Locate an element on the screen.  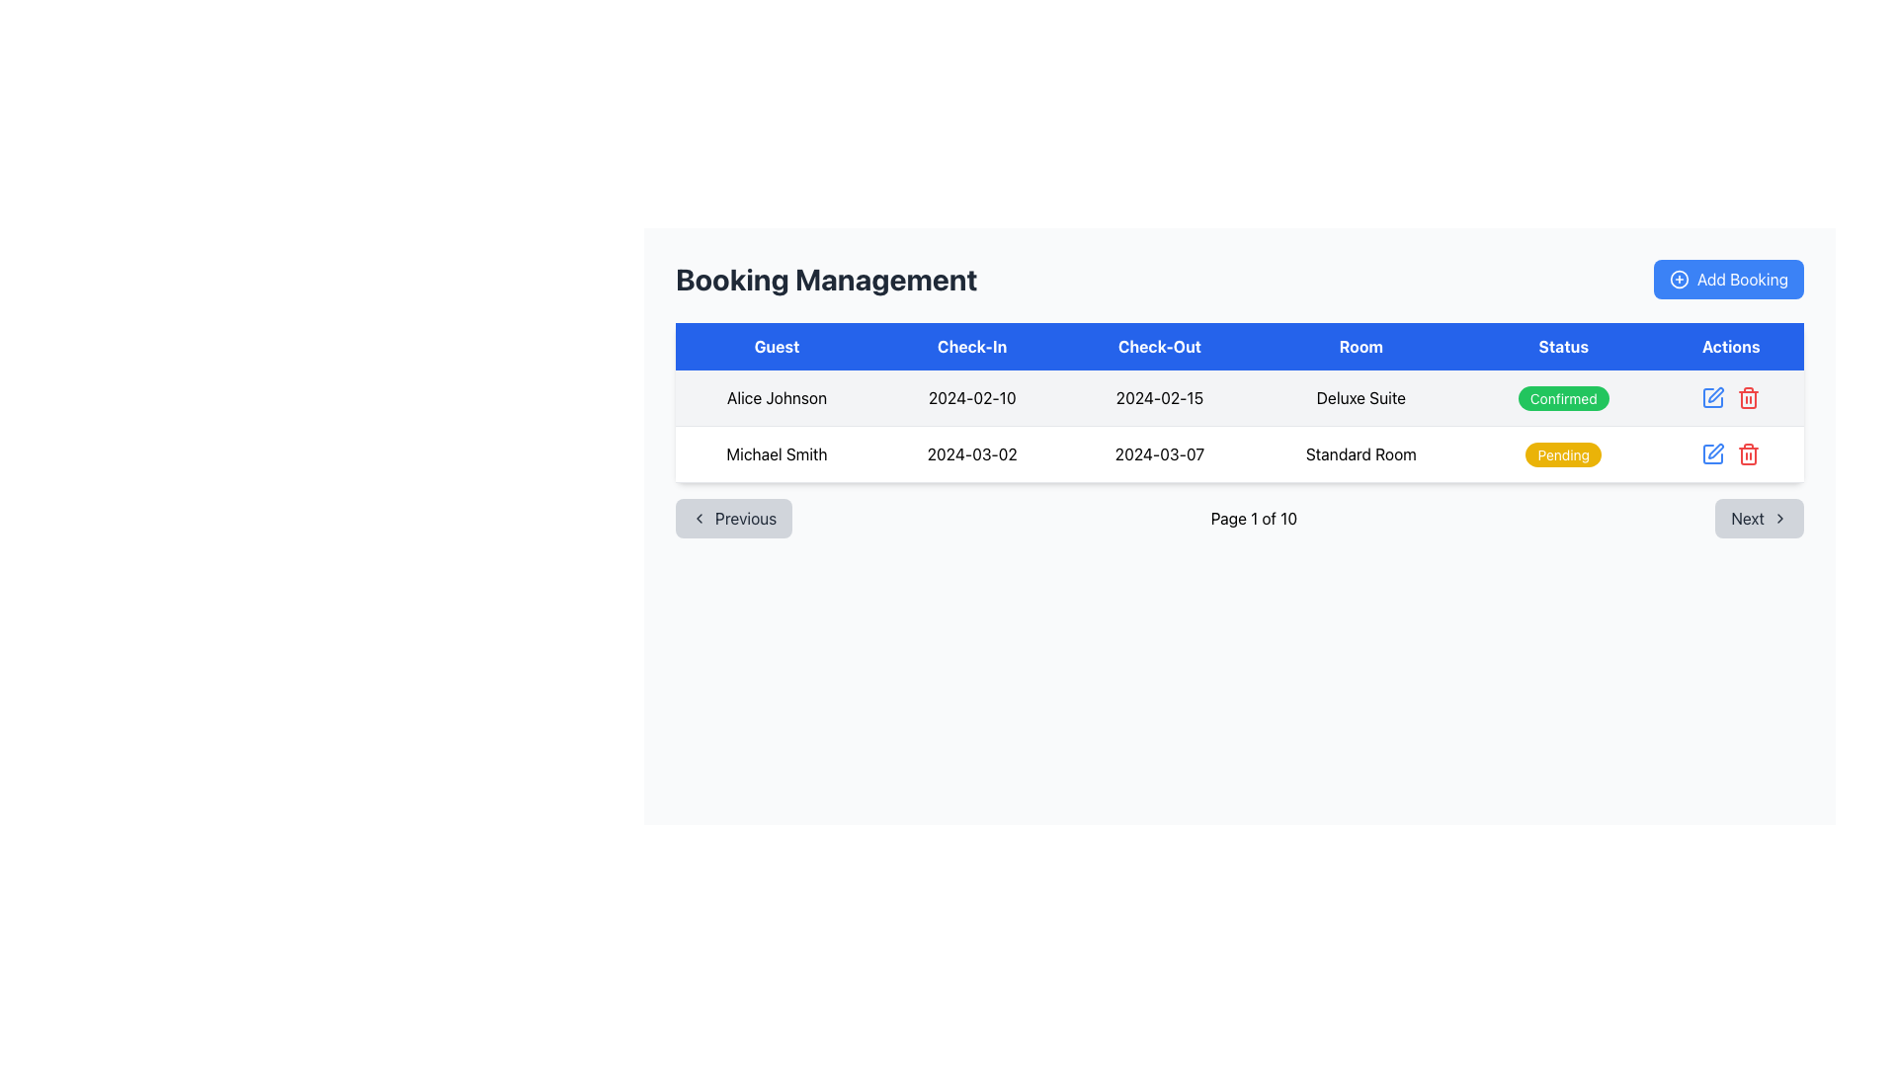
the Icon Button located at the rightmost side of the row for the second booking entry under the 'Actions' column is located at coordinates (1712, 453).